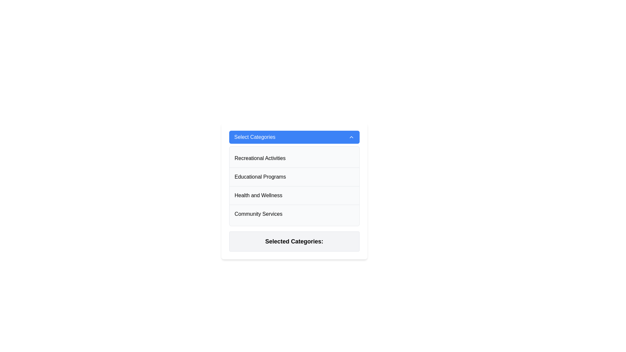  Describe the element at coordinates (260, 177) in the screenshot. I see `the 'Educational Programs' menu item` at that location.